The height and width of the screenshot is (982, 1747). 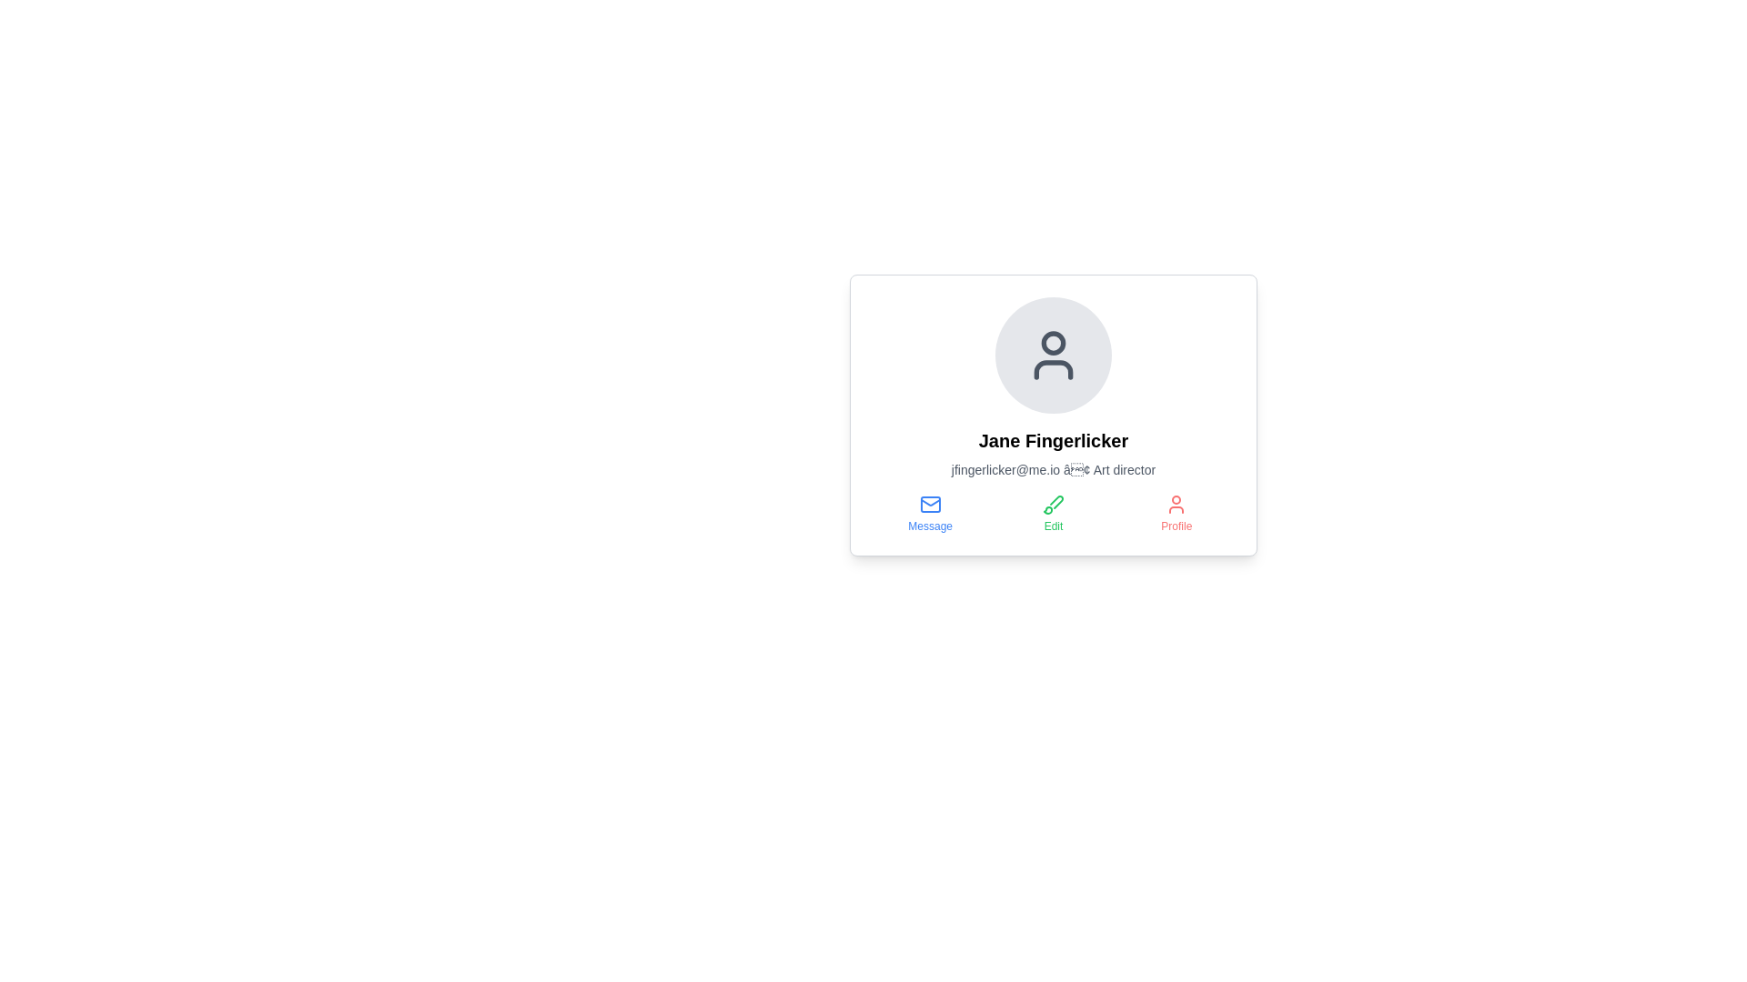 I want to click on name displayed in the header text, which is 'Jane Fingerlicker', prominently styled in bold font within the profile card layout, so click(x=1053, y=441).